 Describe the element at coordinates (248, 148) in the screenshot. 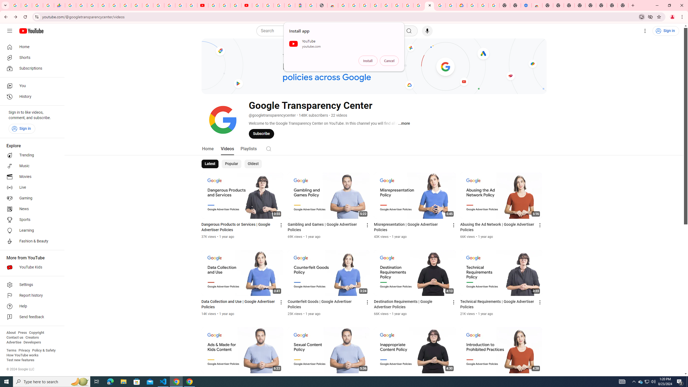

I see `'Playlists'` at that location.